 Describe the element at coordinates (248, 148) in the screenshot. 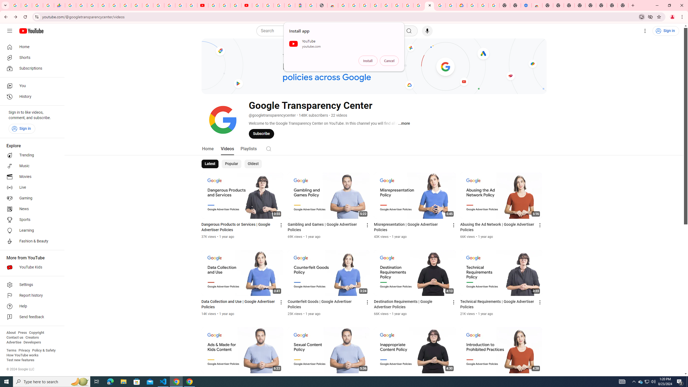

I see `'Playlists'` at that location.